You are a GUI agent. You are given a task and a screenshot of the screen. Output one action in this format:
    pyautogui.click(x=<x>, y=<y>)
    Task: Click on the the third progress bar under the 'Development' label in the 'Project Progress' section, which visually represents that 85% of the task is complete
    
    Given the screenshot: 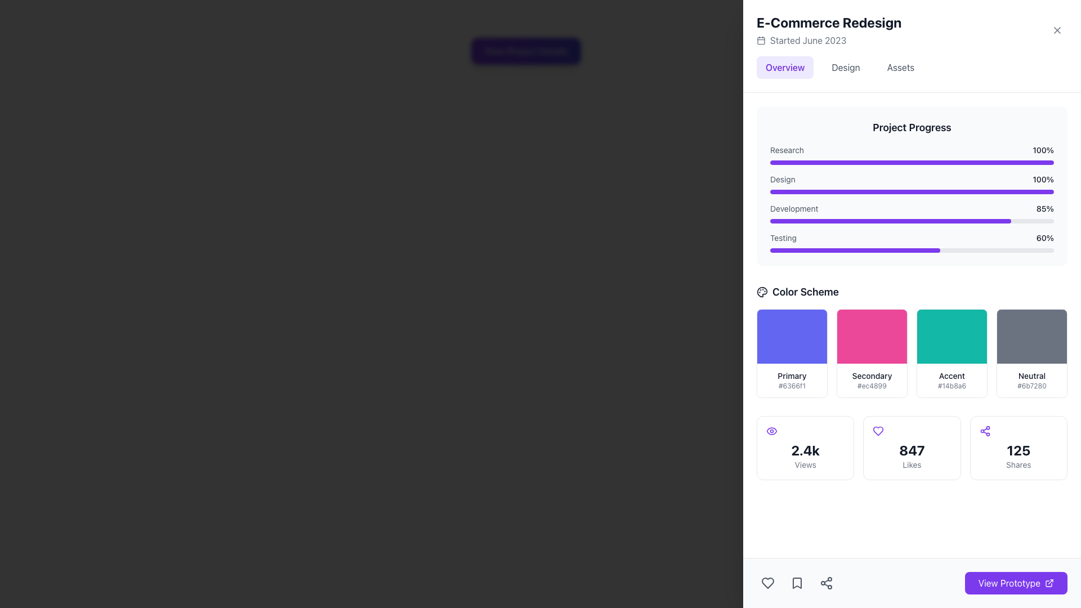 What is the action you would take?
    pyautogui.click(x=912, y=221)
    